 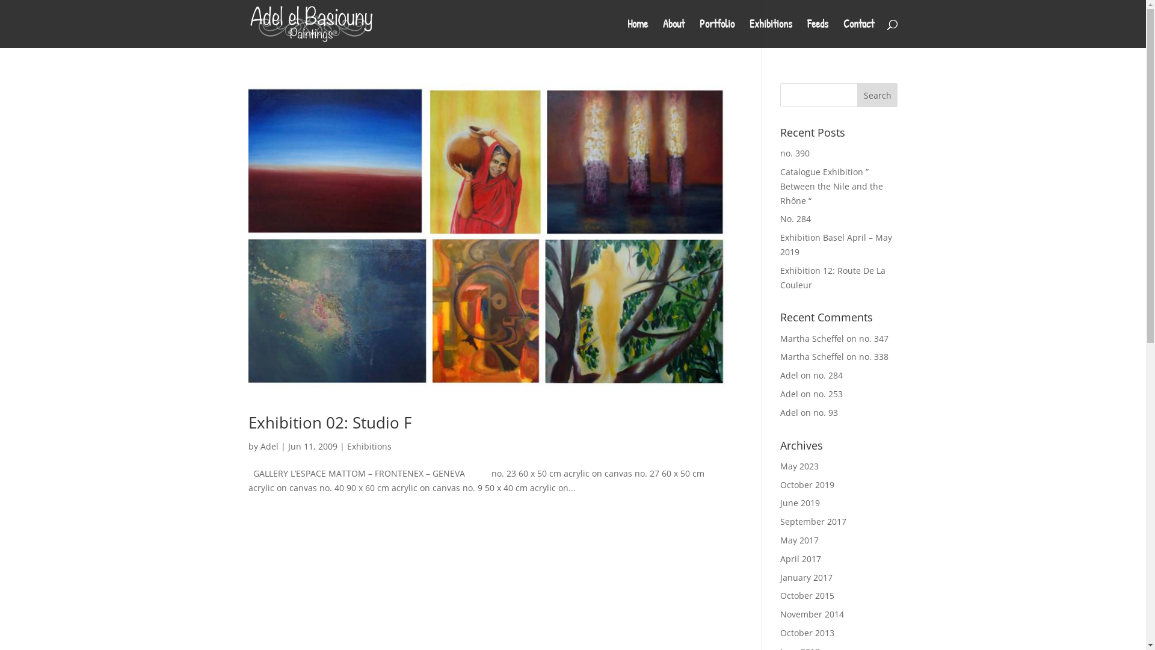 I want to click on 'January 2017', so click(x=806, y=577).